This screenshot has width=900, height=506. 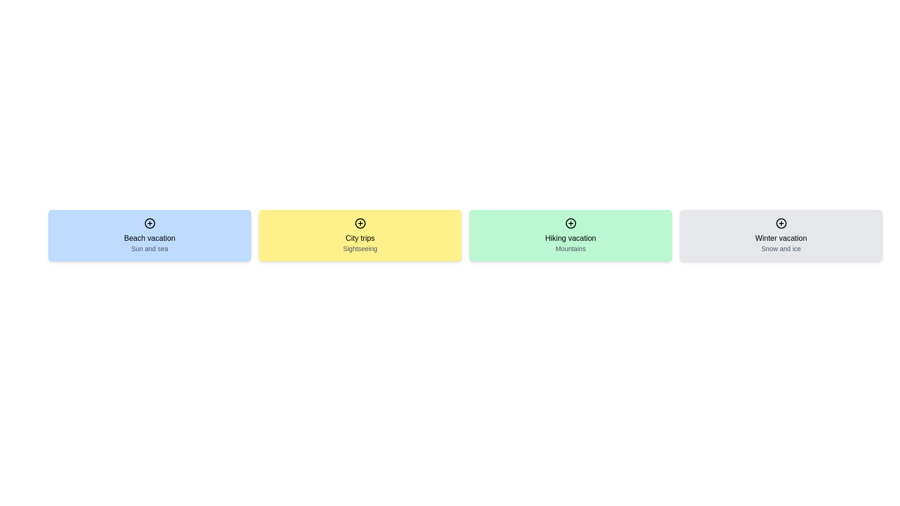 I want to click on the central circular outline of the SVG icon associated with the 'City trips' section, which enhances the visual recognition of the panel's purpose related to sightseeing, so click(x=360, y=223).